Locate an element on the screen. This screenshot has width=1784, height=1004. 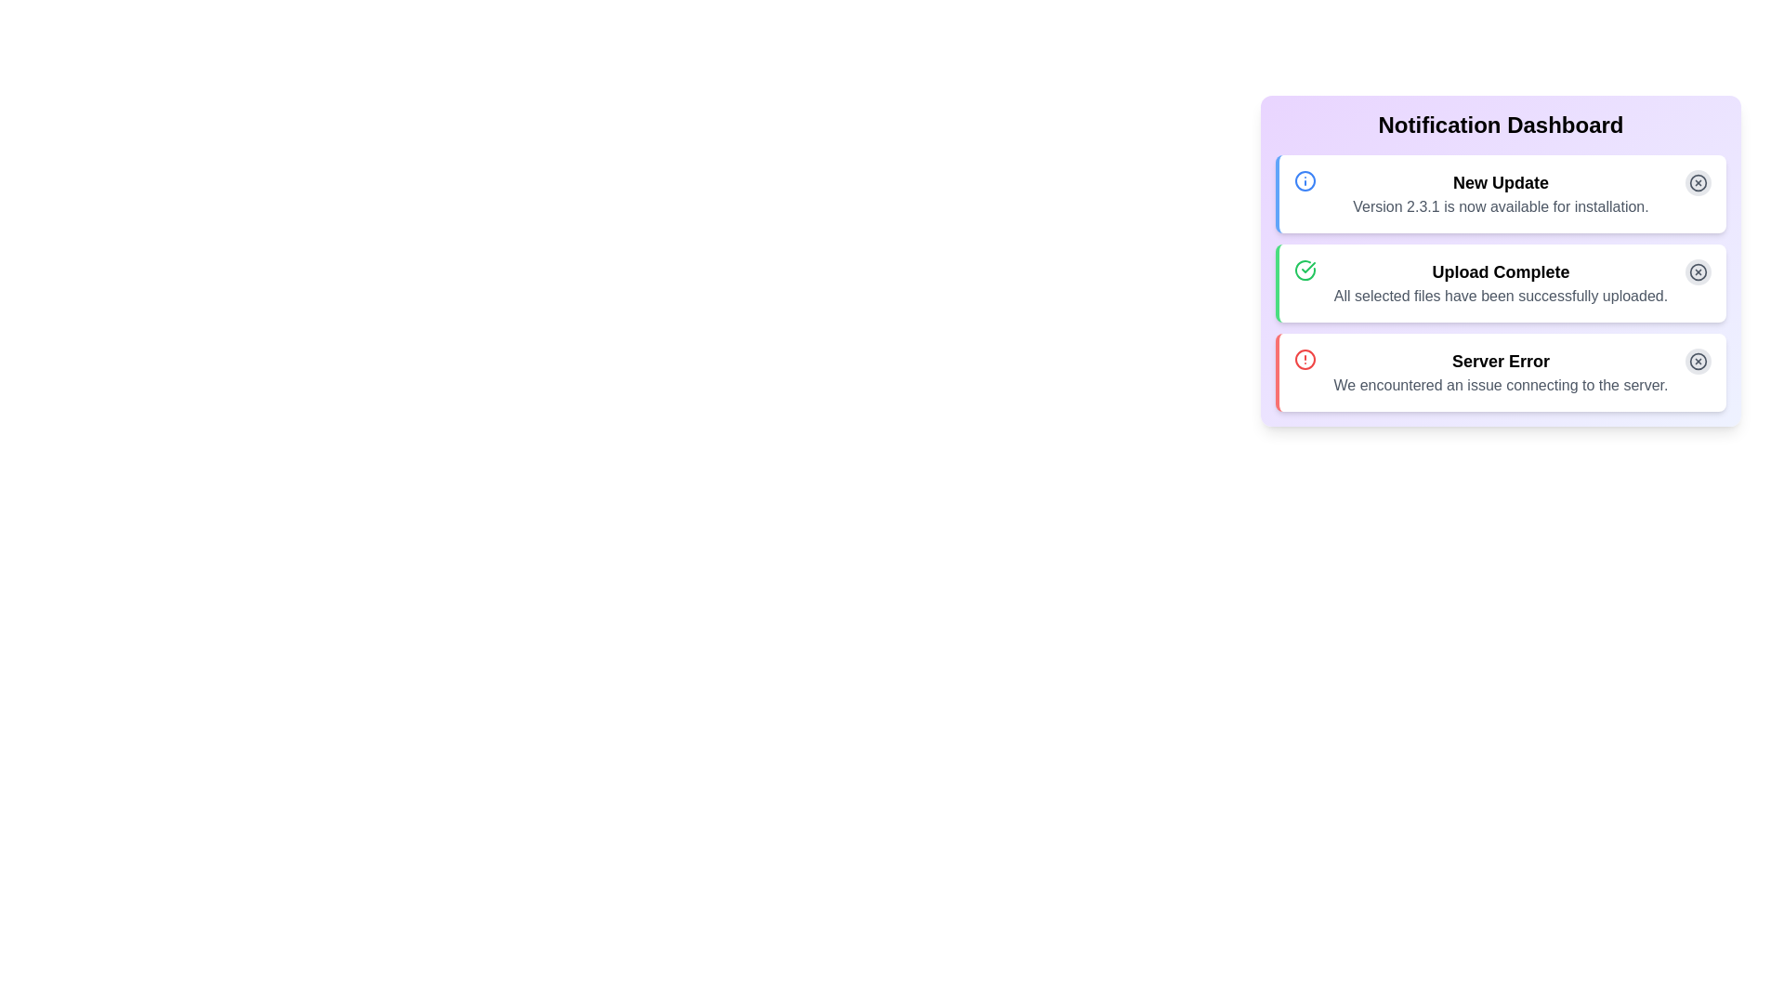
and drop the notification item indicating the availability of a new software version for installation within the Notification Dashboard is located at coordinates (1501, 193).